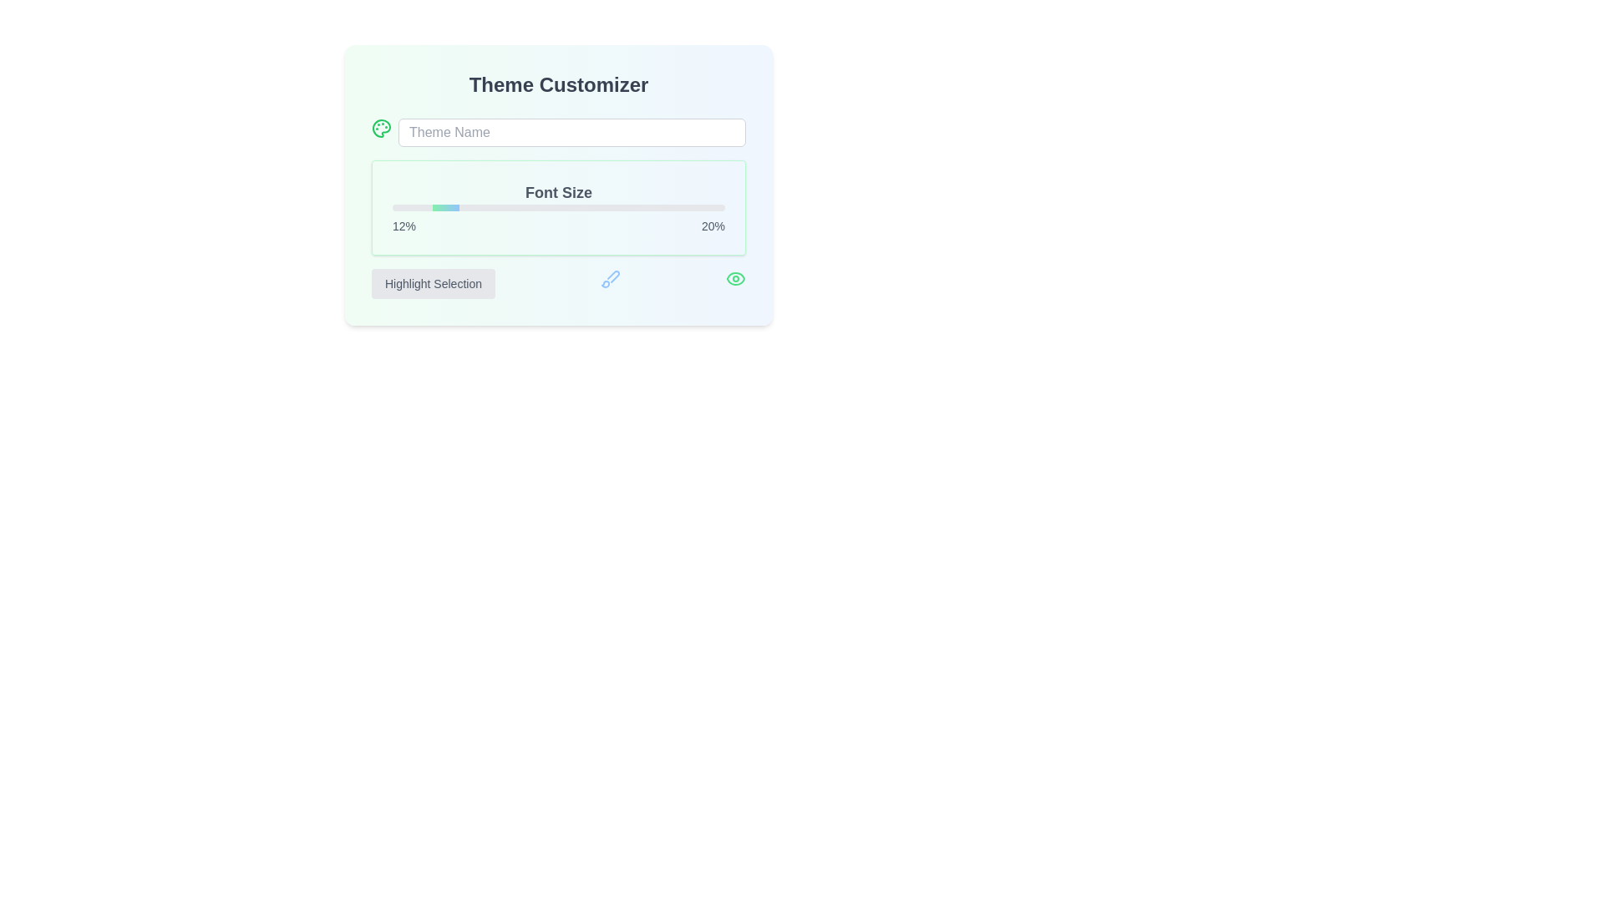 The width and height of the screenshot is (1604, 902). I want to click on the font size, so click(508, 207).